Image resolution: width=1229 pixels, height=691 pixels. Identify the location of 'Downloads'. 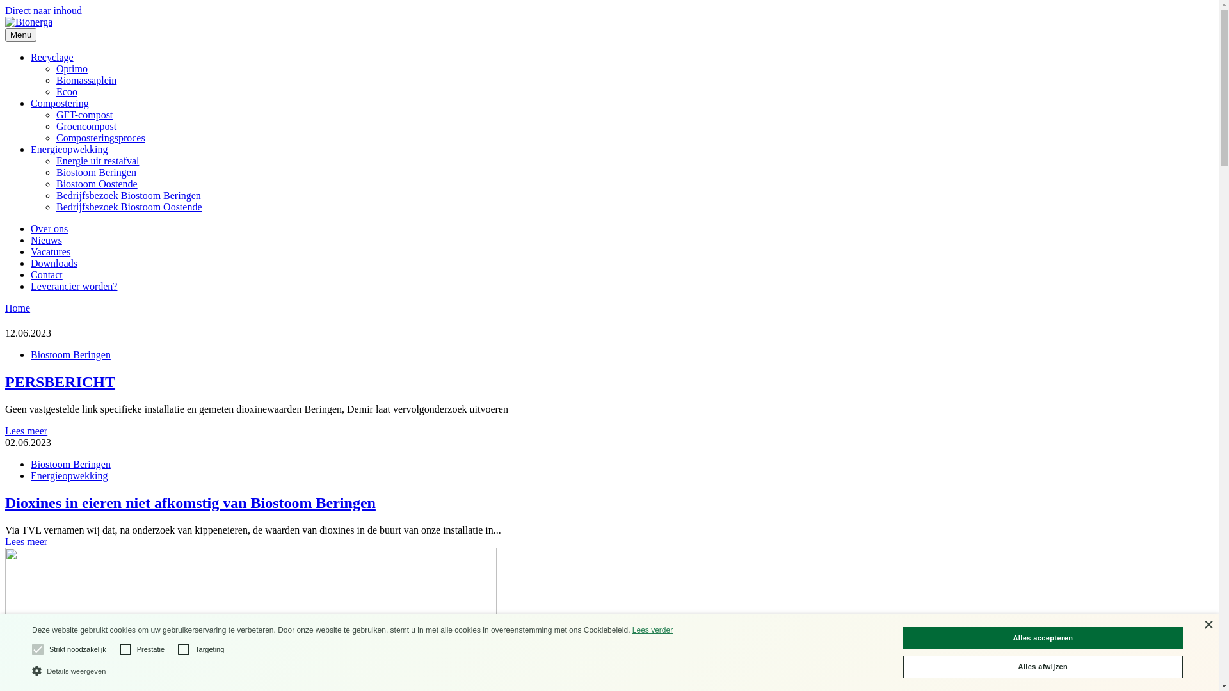
(53, 262).